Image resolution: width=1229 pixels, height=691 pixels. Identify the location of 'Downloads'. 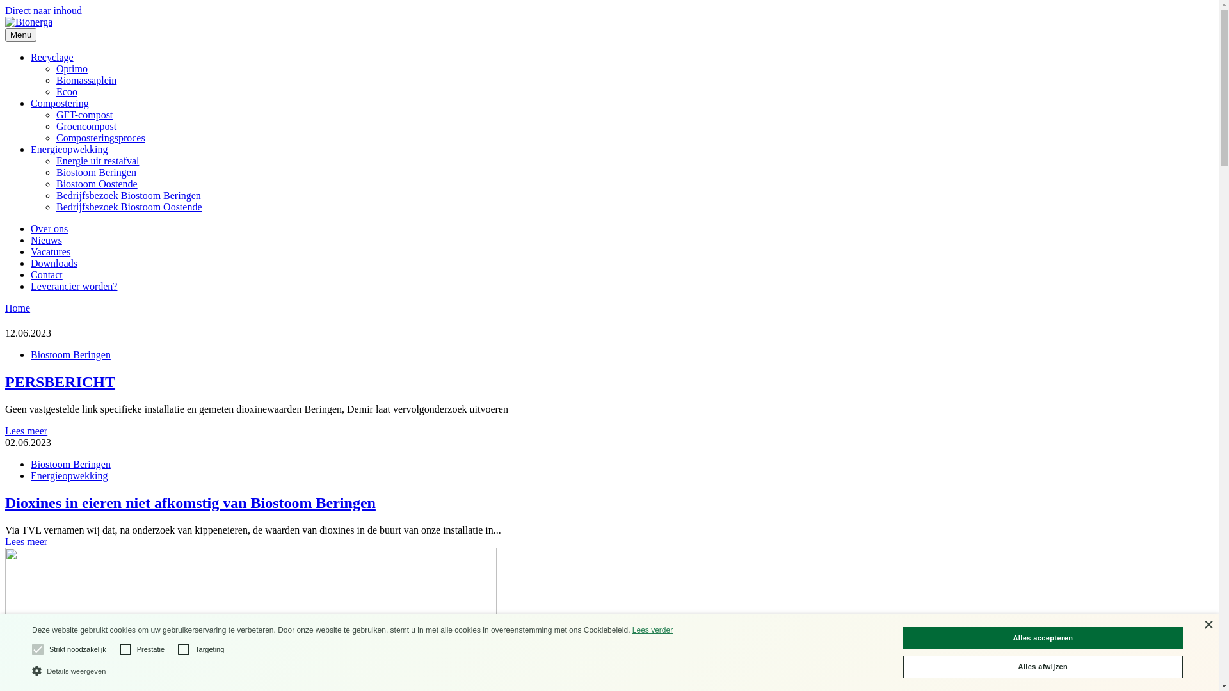
(53, 262).